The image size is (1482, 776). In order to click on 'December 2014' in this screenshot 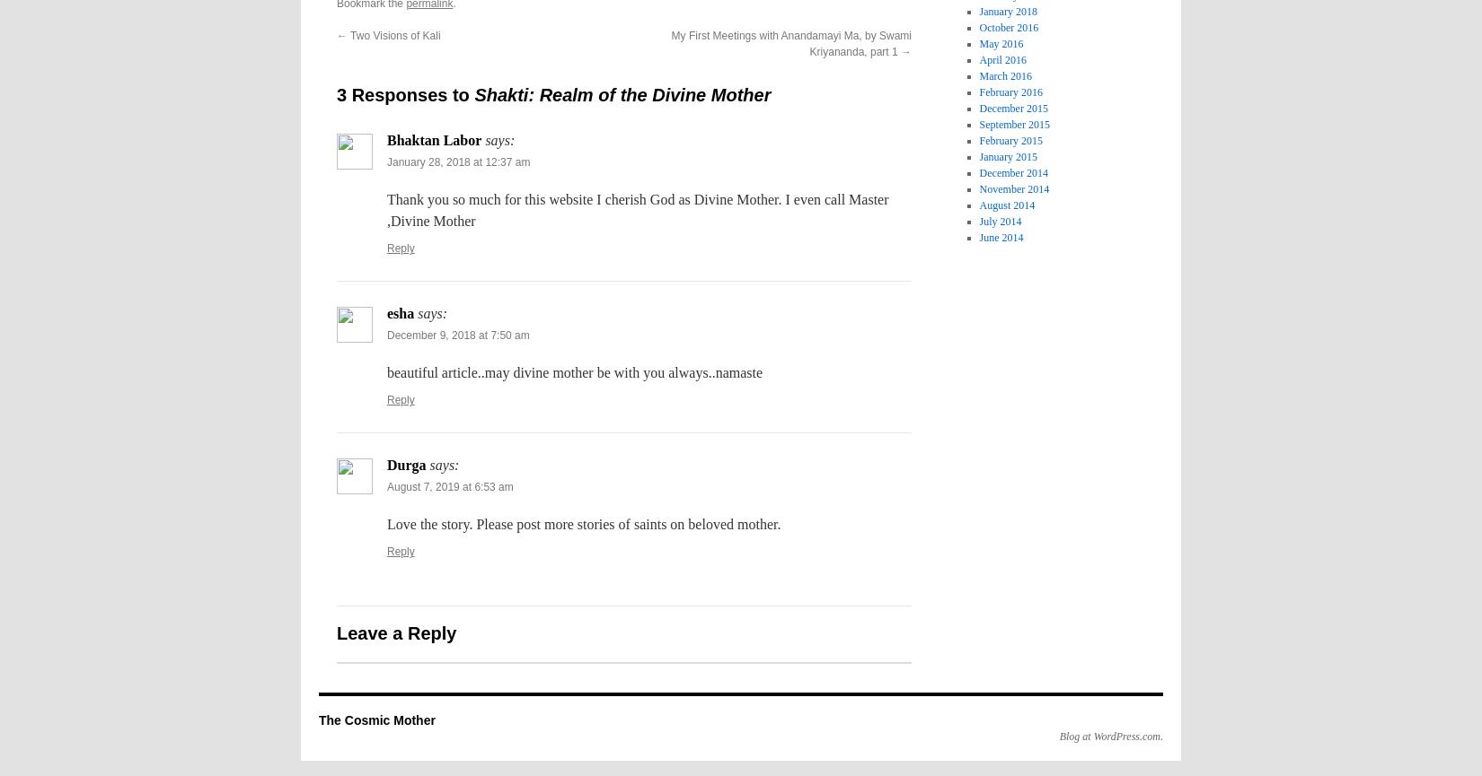, I will do `click(1012, 171)`.